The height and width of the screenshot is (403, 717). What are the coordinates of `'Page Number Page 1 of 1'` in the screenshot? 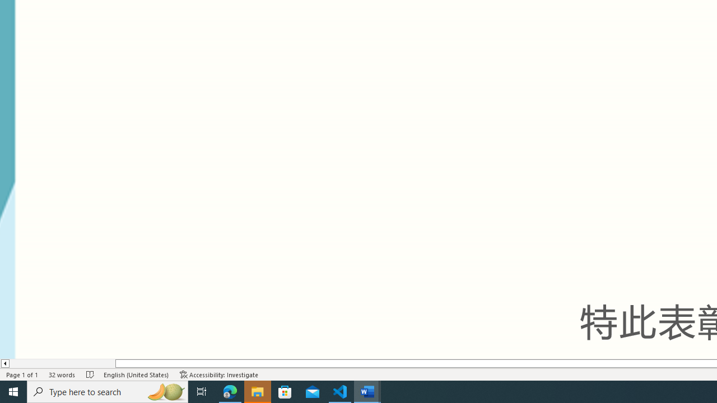 It's located at (22, 374).